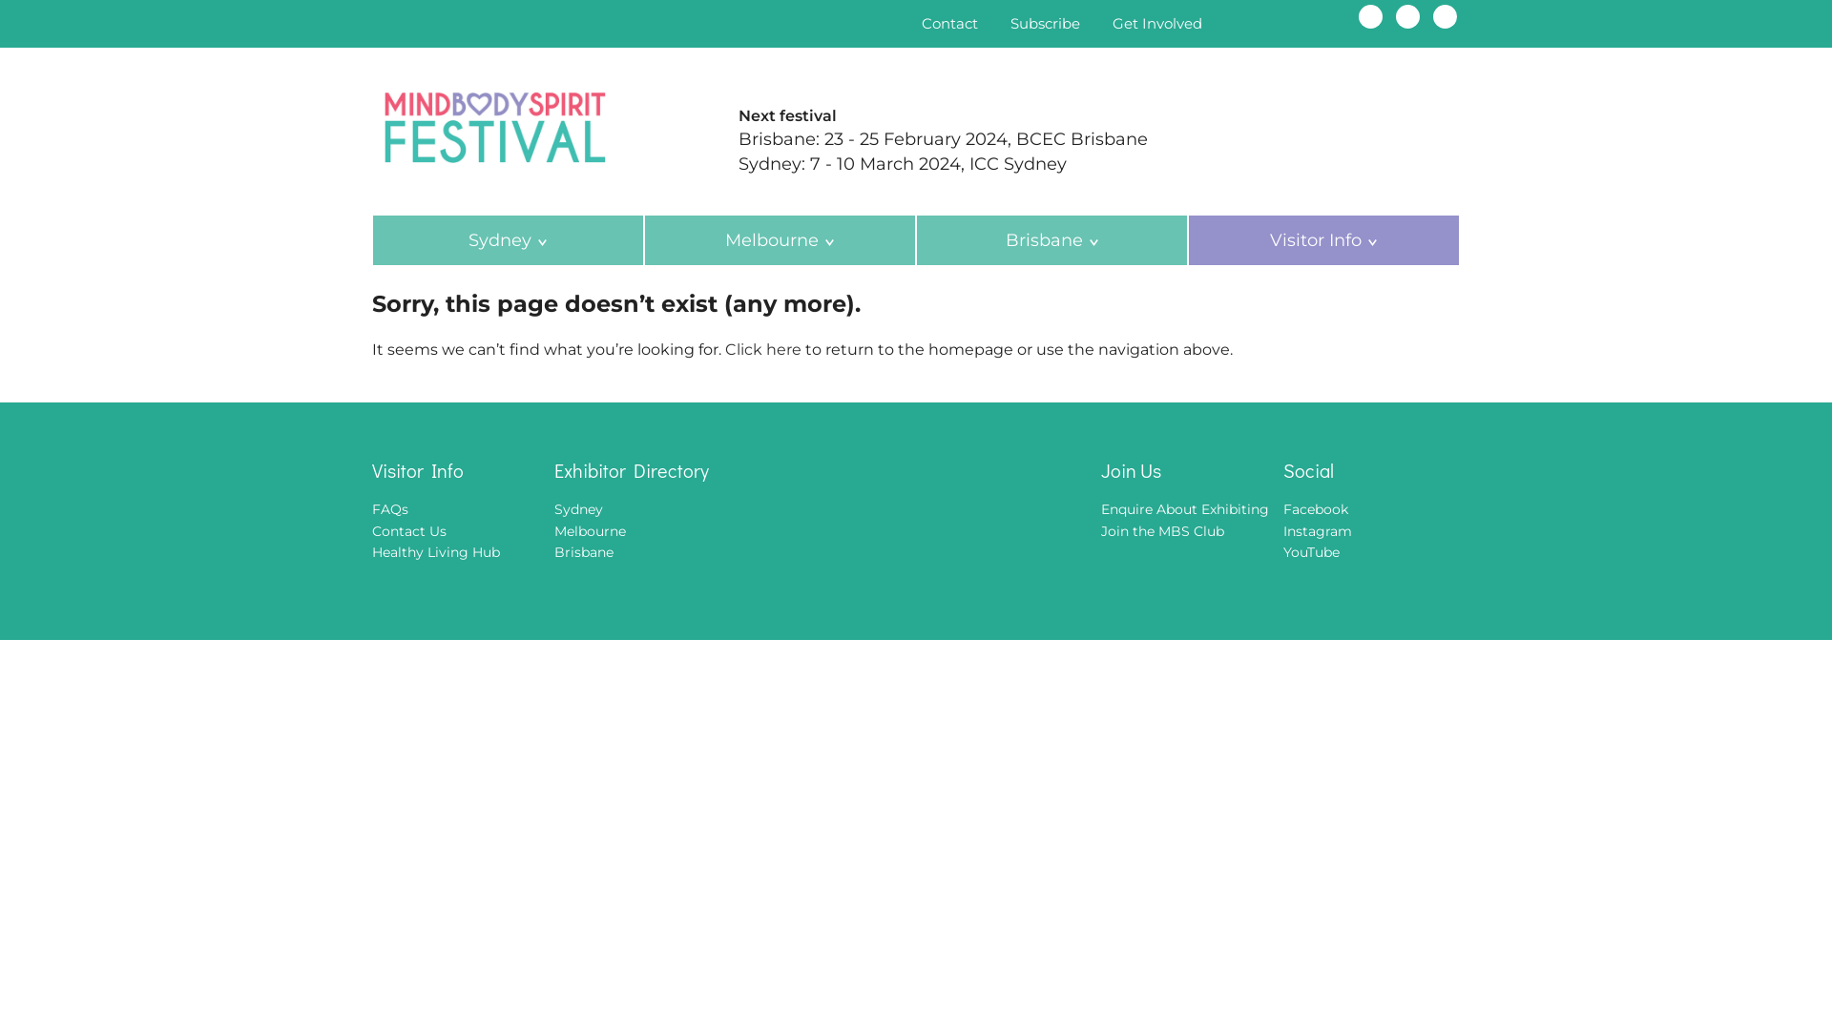  I want to click on 'FAQs', so click(371, 507).